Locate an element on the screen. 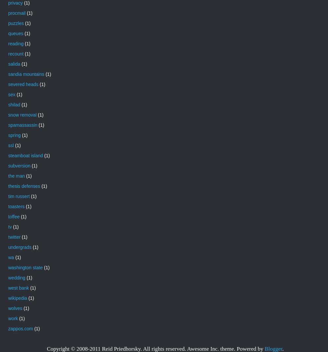 This screenshot has width=328, height=352. 'Copyright © 2008-2011 Reid Priedhorsky. All rights reserved. Awesome Inc. theme. Powered by' is located at coordinates (155, 348).